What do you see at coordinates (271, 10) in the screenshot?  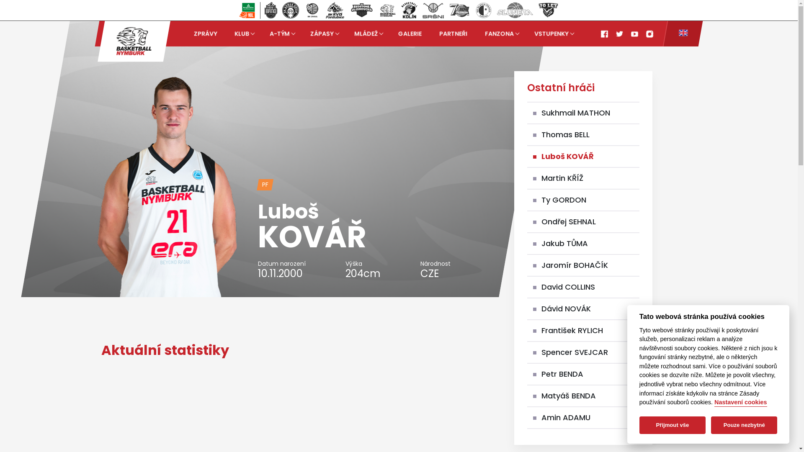 I see `'Basket Brno (1.)'` at bounding box center [271, 10].